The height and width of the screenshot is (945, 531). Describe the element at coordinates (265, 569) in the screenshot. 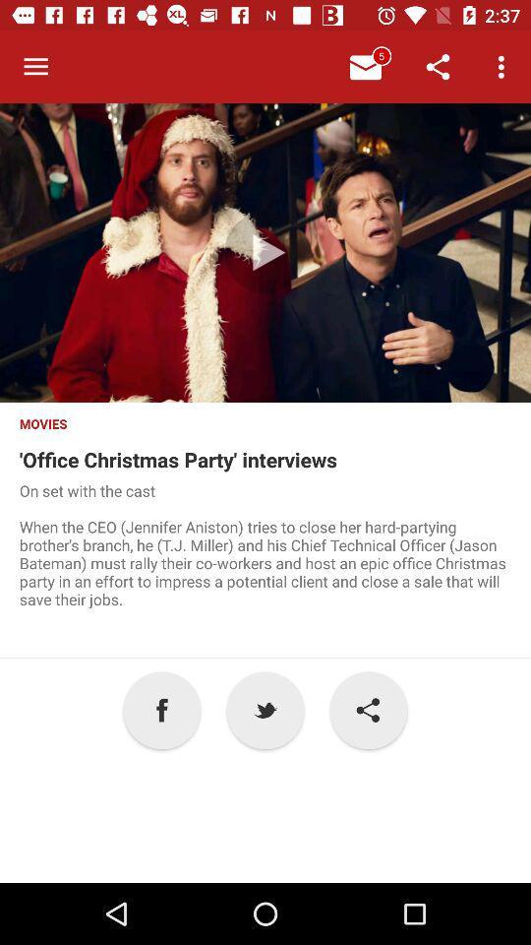

I see `item above a item` at that location.